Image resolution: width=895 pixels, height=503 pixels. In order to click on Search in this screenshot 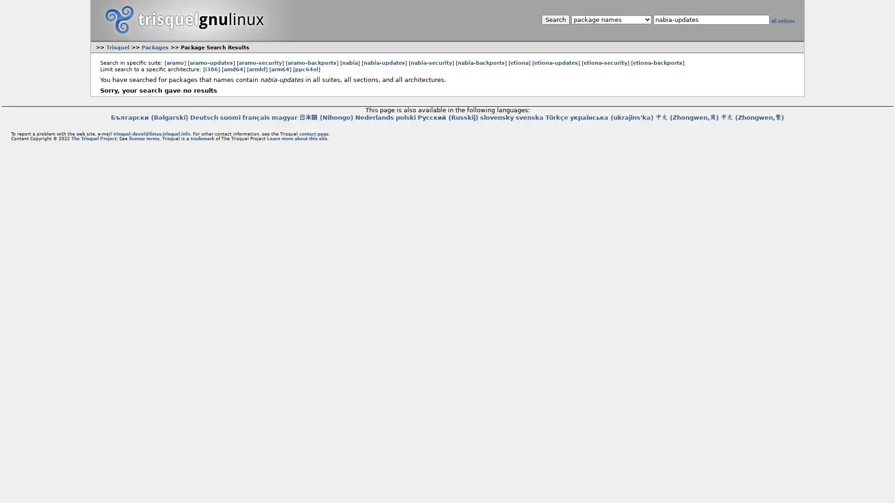, I will do `click(555, 20)`.